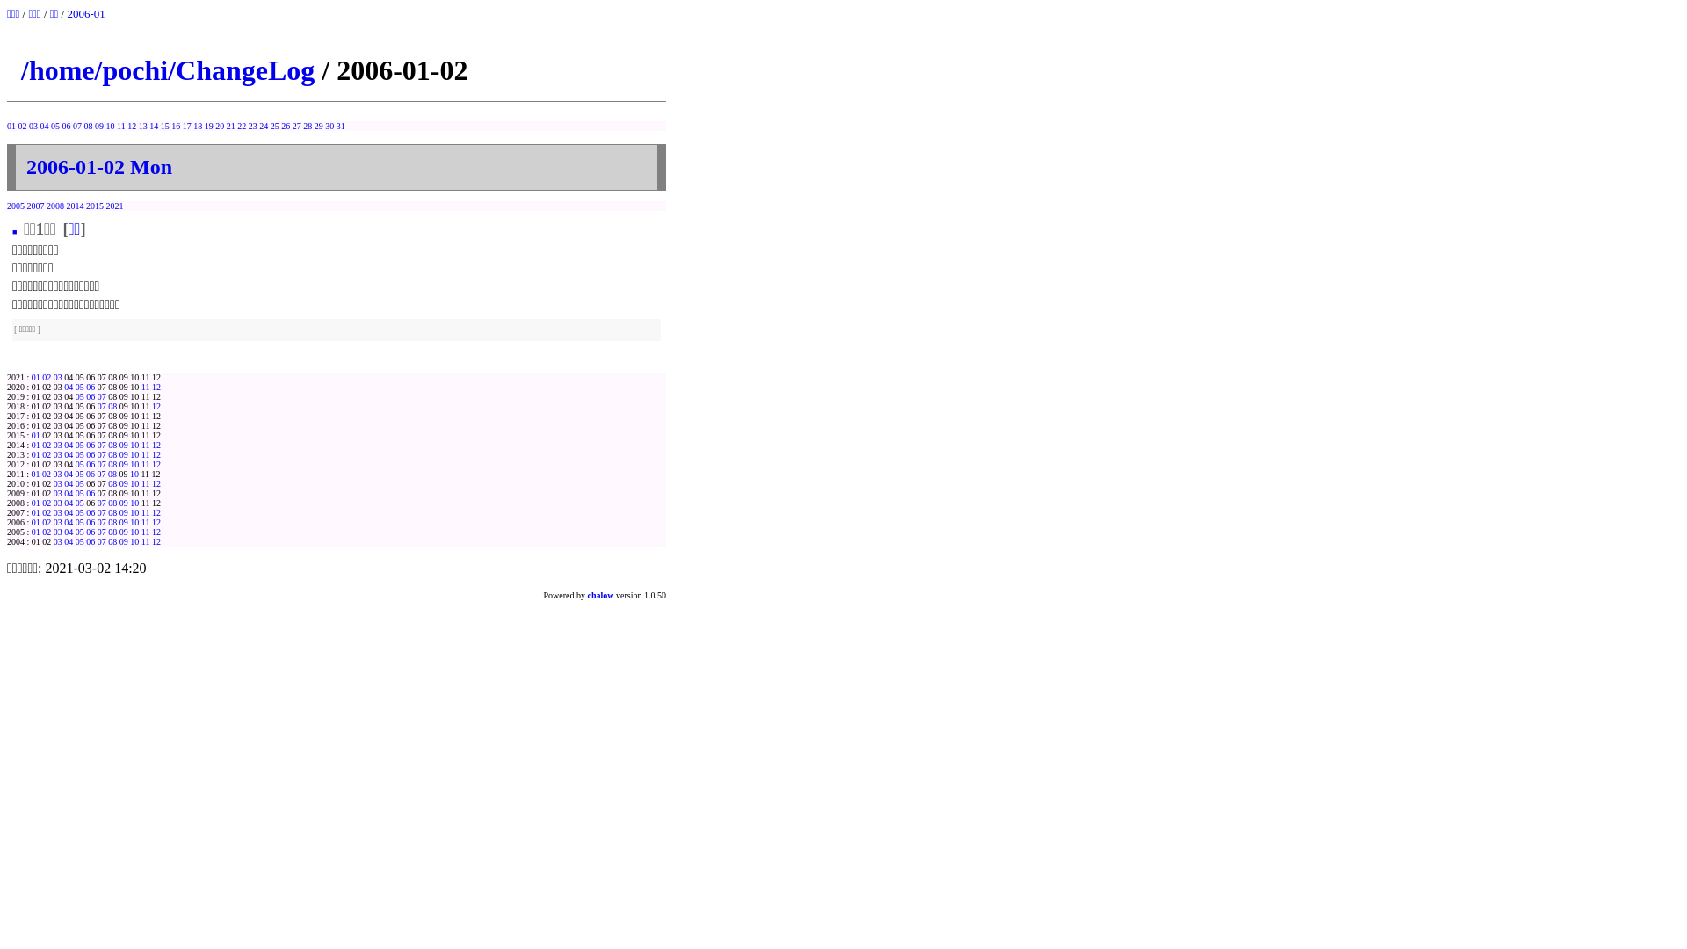 Image resolution: width=1687 pixels, height=949 pixels. I want to click on '/home/pochi/ChangeLog', so click(21, 69).